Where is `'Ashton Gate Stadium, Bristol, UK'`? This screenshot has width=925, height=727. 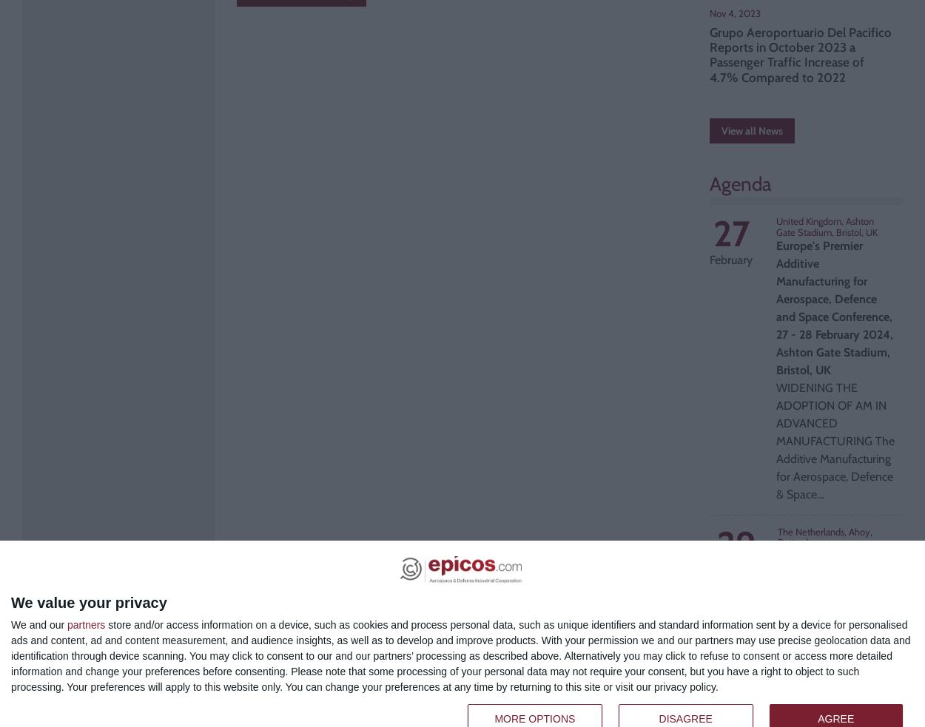
'Ashton Gate Stadium, Bristol, UK' is located at coordinates (776, 226).